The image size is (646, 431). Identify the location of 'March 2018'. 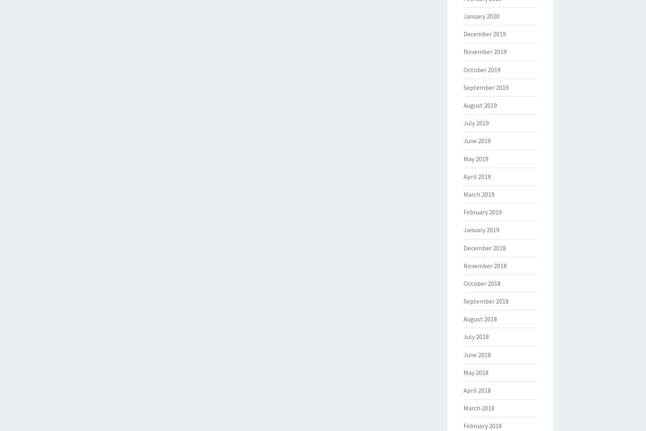
(463, 408).